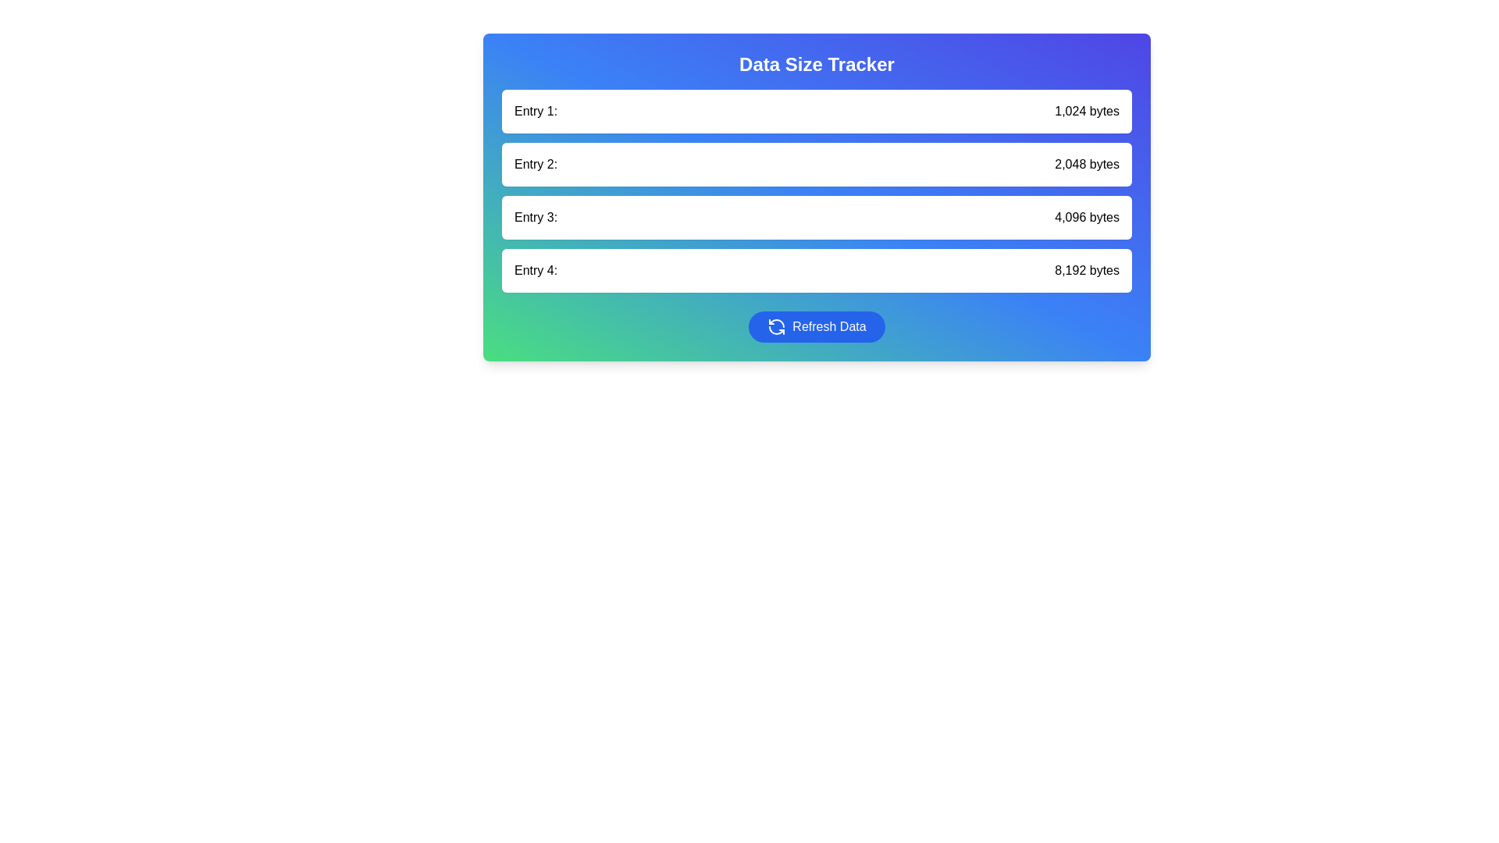  What do you see at coordinates (816, 326) in the screenshot?
I see `the 'Refresh Data' button with a blue background and white text, located at the bottom of the 'Data Size Tracker' interface` at bounding box center [816, 326].